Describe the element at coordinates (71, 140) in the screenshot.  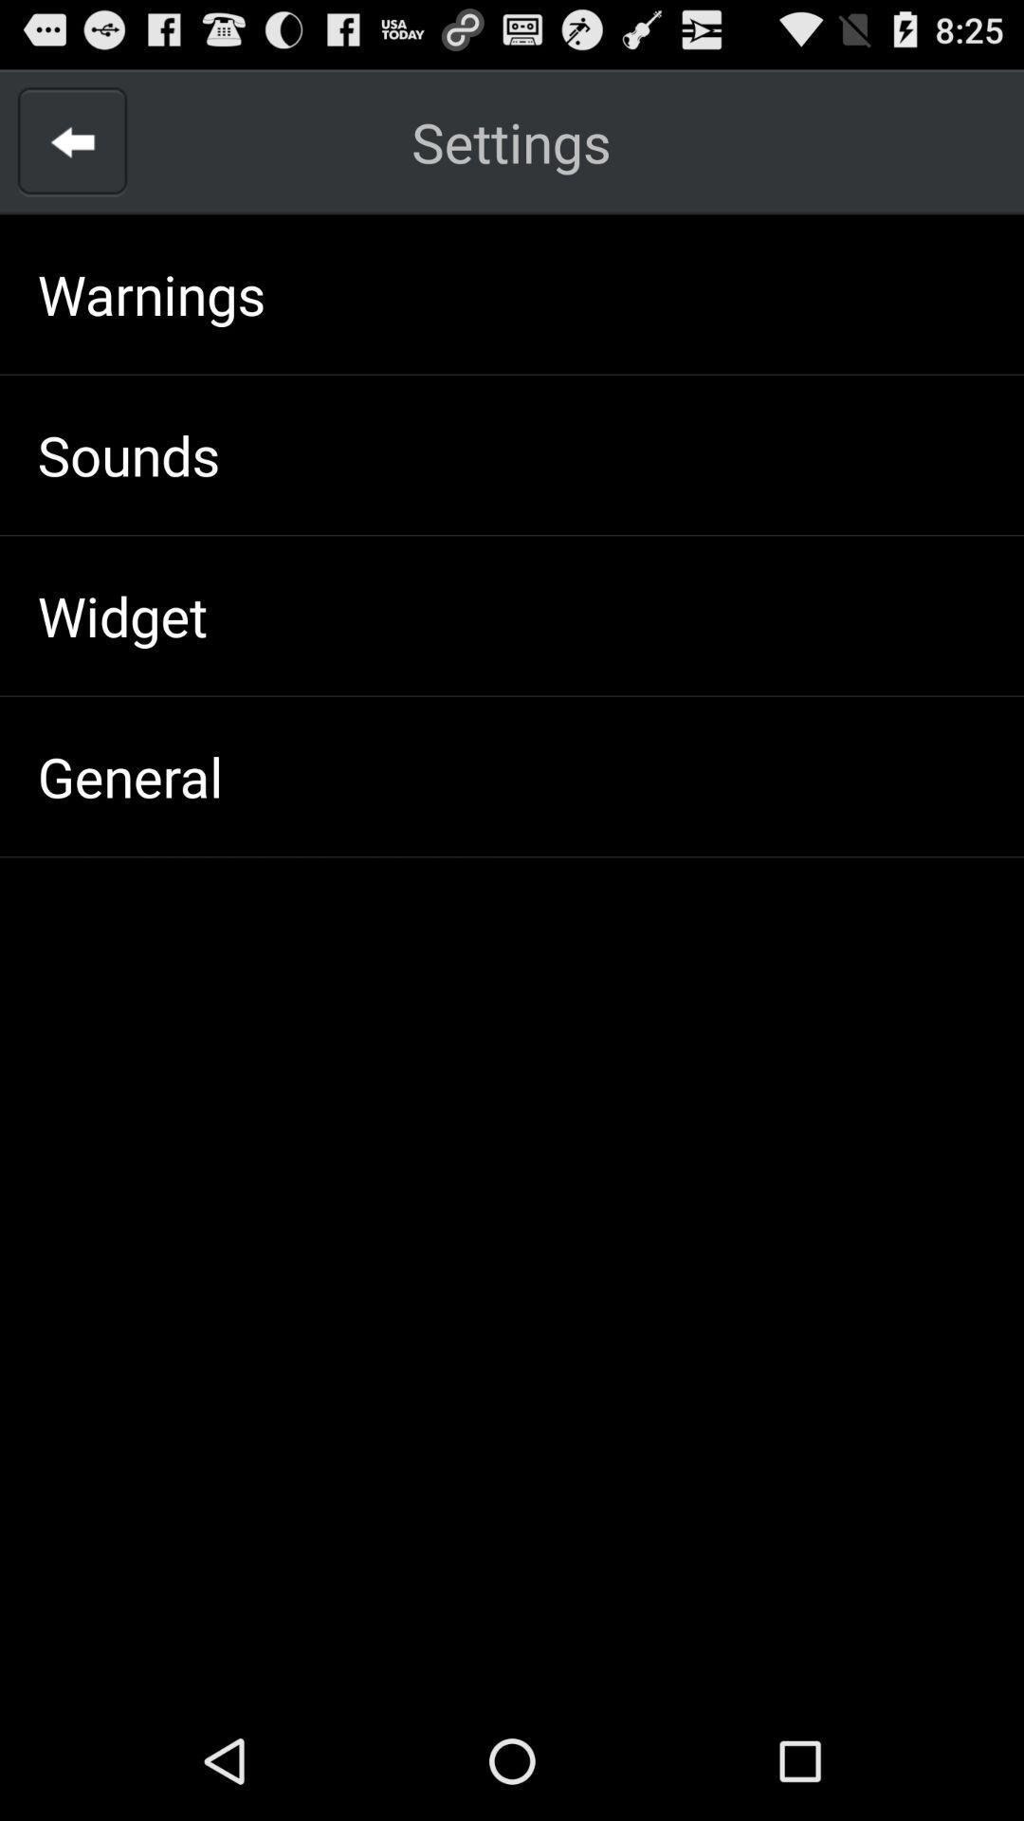
I see `the app next to settings app` at that location.